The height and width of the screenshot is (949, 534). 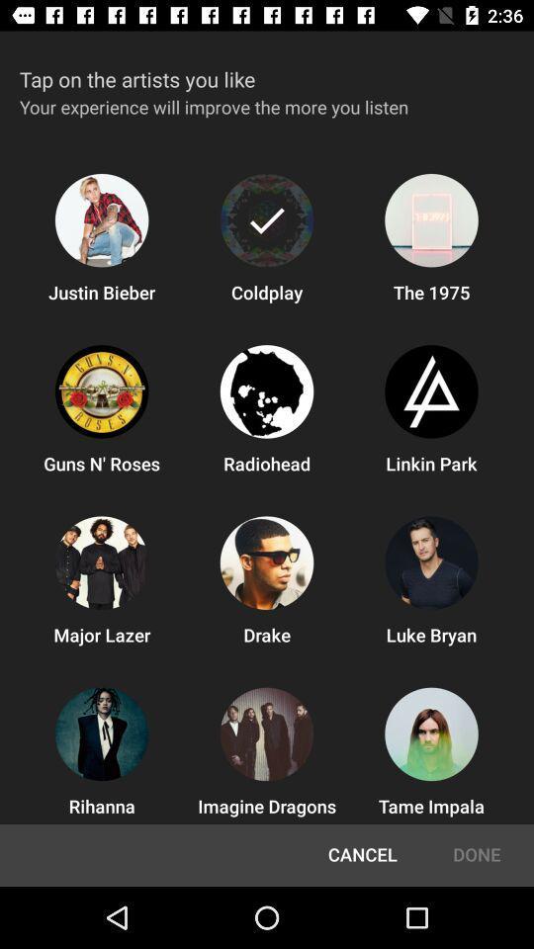 What do you see at coordinates (361, 854) in the screenshot?
I see `the cancel item` at bounding box center [361, 854].